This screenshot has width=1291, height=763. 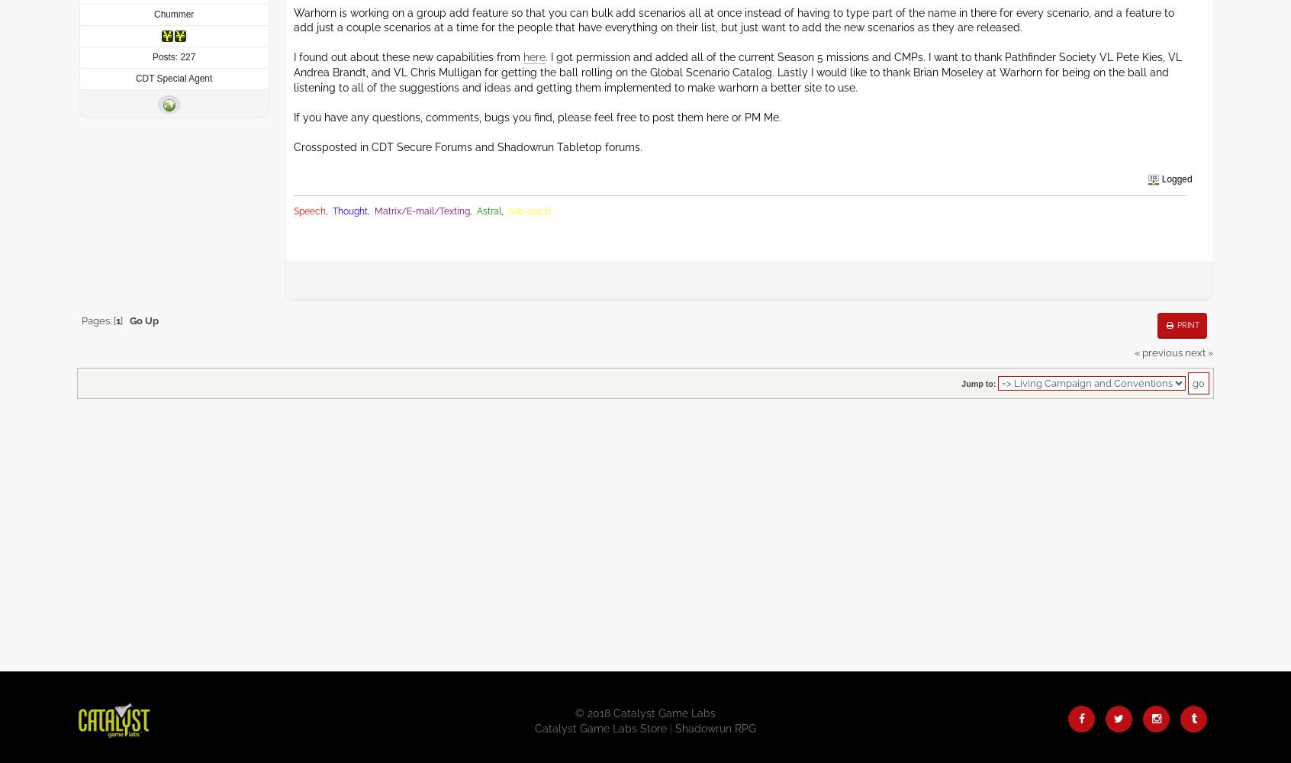 I want to click on 'Jump to:', so click(x=977, y=383).